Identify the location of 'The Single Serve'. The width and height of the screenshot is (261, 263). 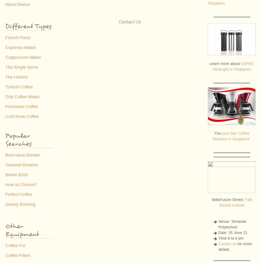
(22, 67).